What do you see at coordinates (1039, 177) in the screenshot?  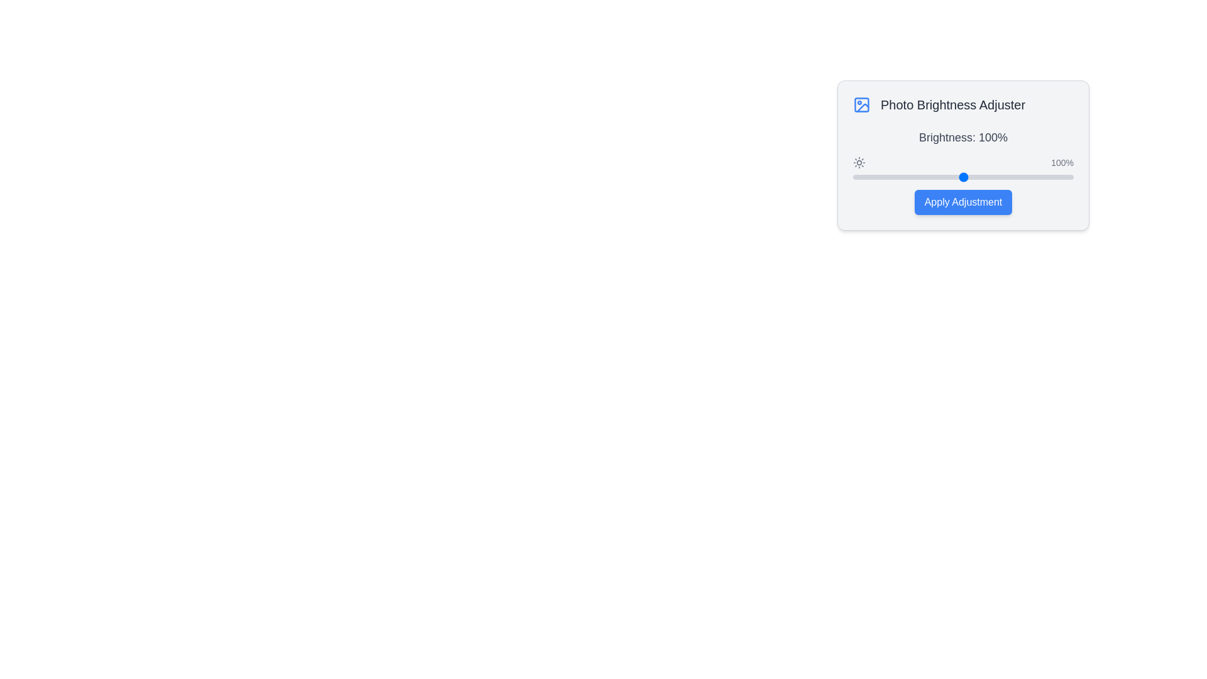 I see `the brightness slider to 169` at bounding box center [1039, 177].